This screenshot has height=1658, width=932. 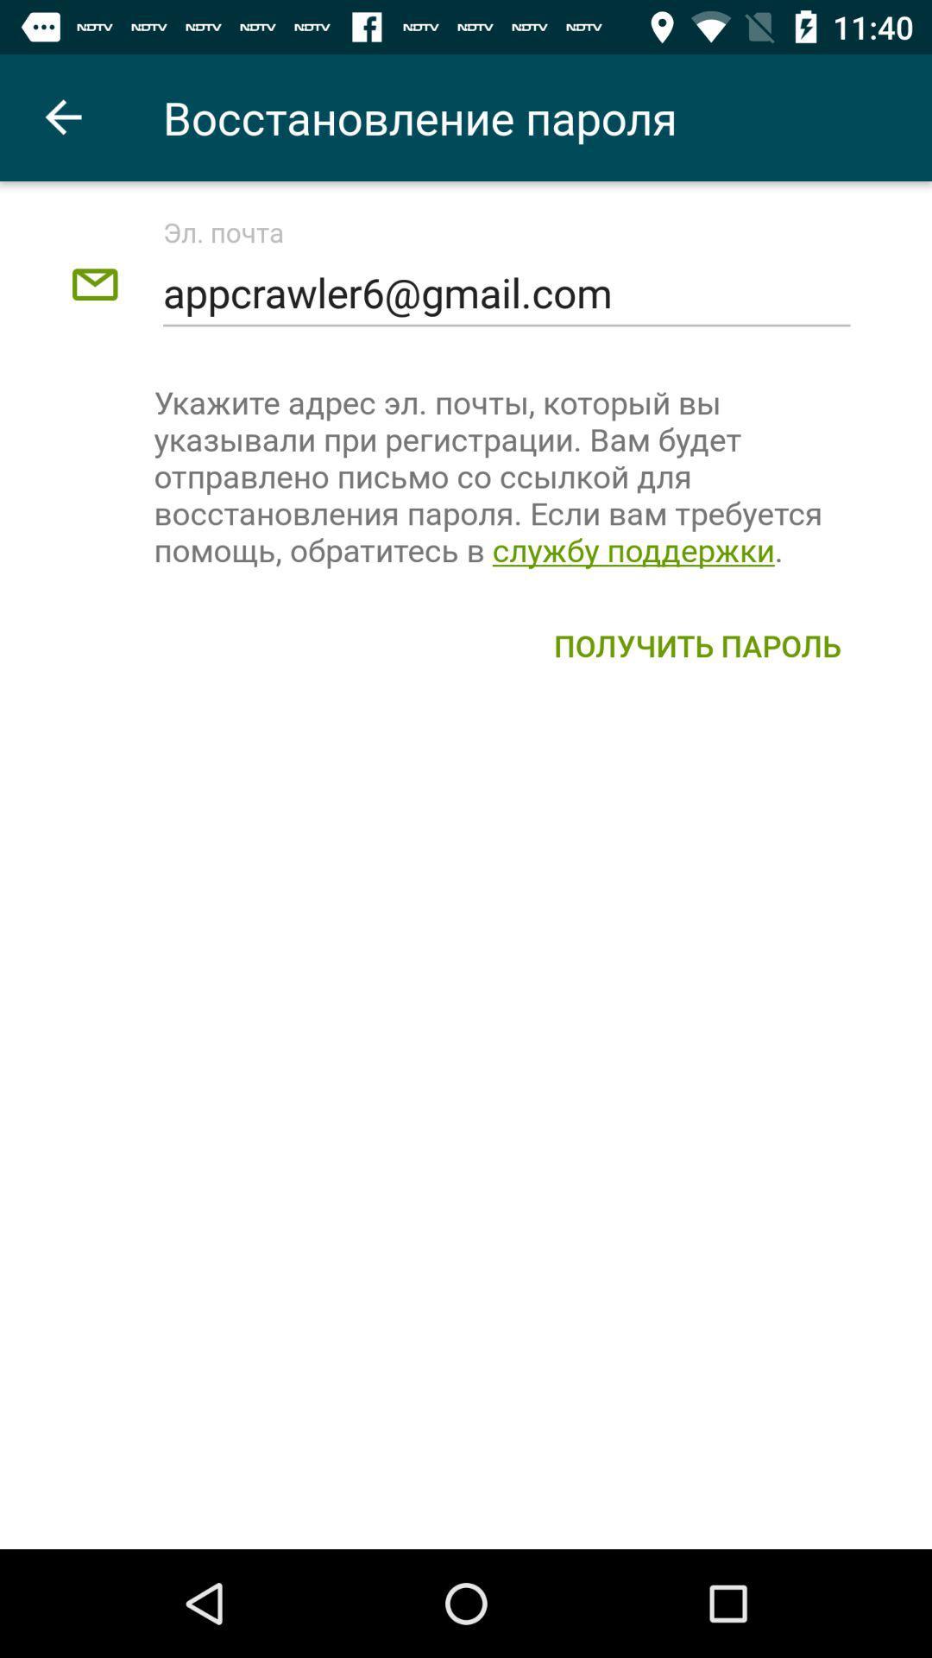 What do you see at coordinates (696, 644) in the screenshot?
I see `item on the right` at bounding box center [696, 644].